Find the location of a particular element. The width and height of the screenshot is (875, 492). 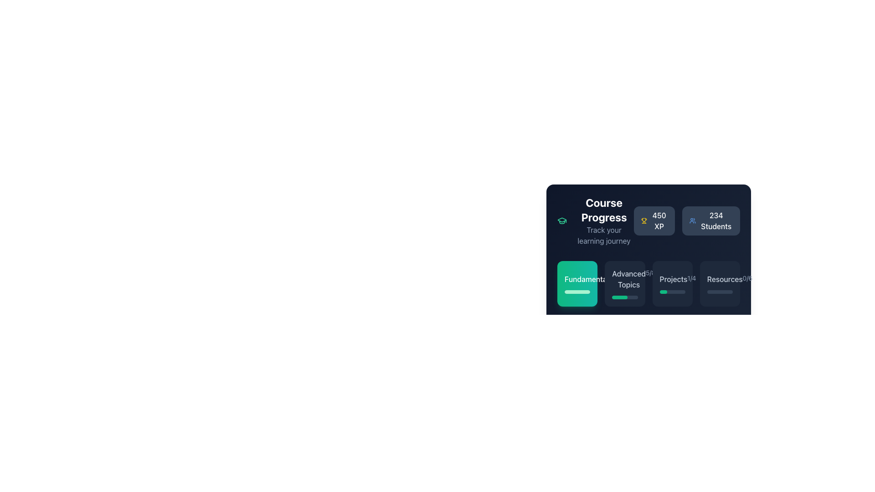

the Informational display card displaying '450 XP' with a trophy icon, located in the upper-right section of the layout adjacent to the 'Course Progress' title is located at coordinates (654, 221).